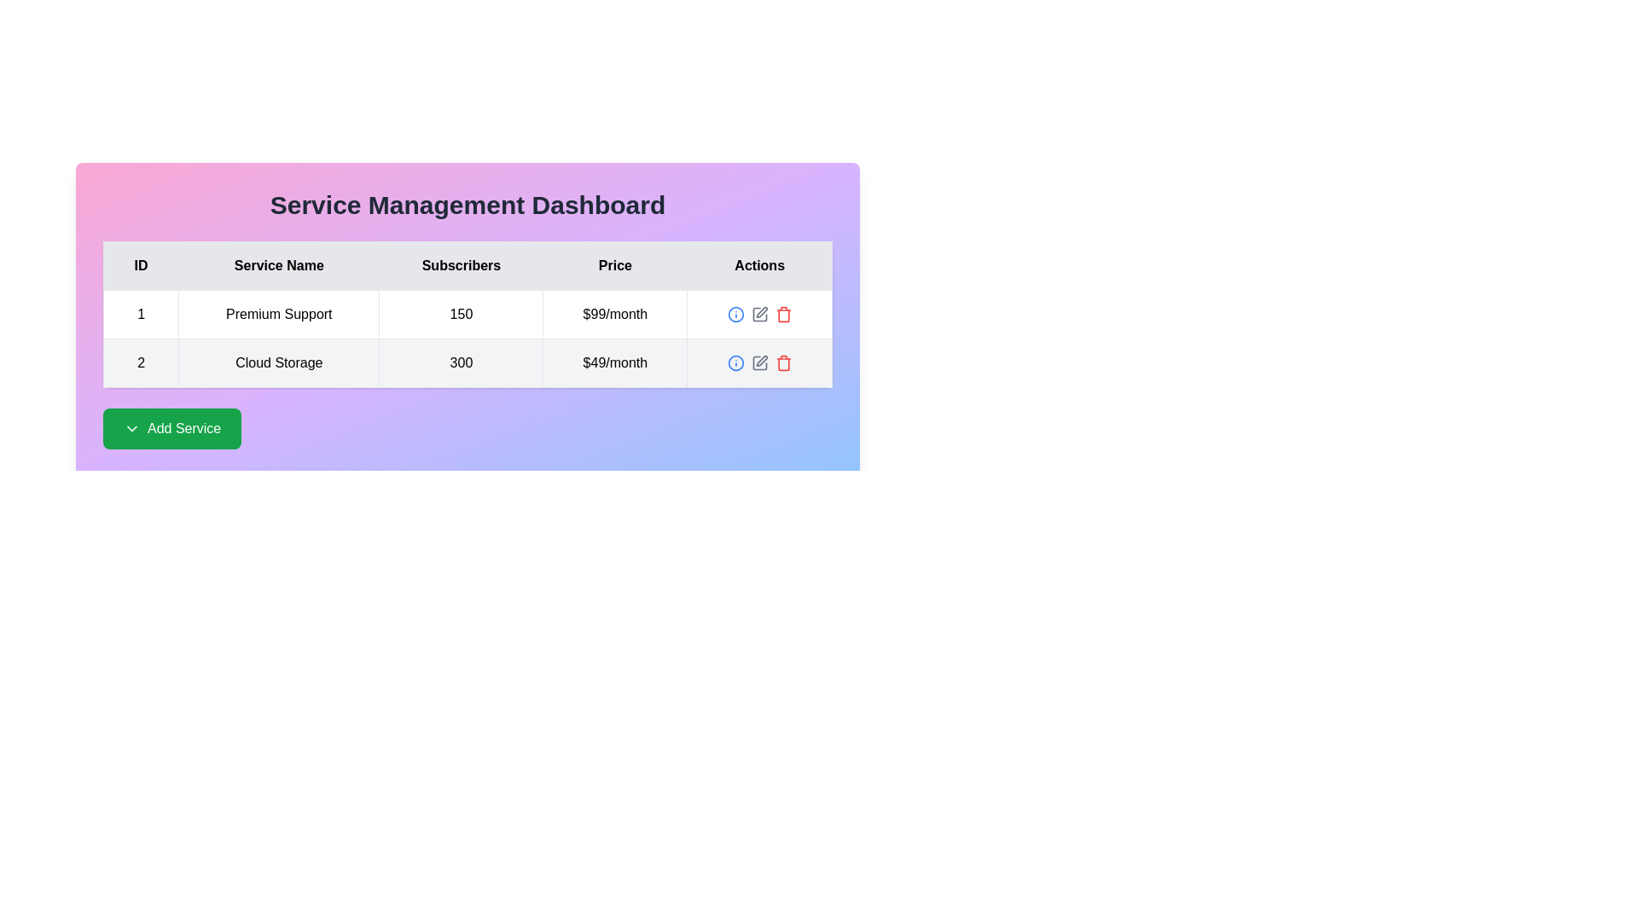 This screenshot has height=921, width=1638. Describe the element at coordinates (468, 204) in the screenshot. I see `the text header 'Service Management Dashboard' which is styled in bold, large black font and is centrally positioned at the top of a gradient-colored card` at that location.